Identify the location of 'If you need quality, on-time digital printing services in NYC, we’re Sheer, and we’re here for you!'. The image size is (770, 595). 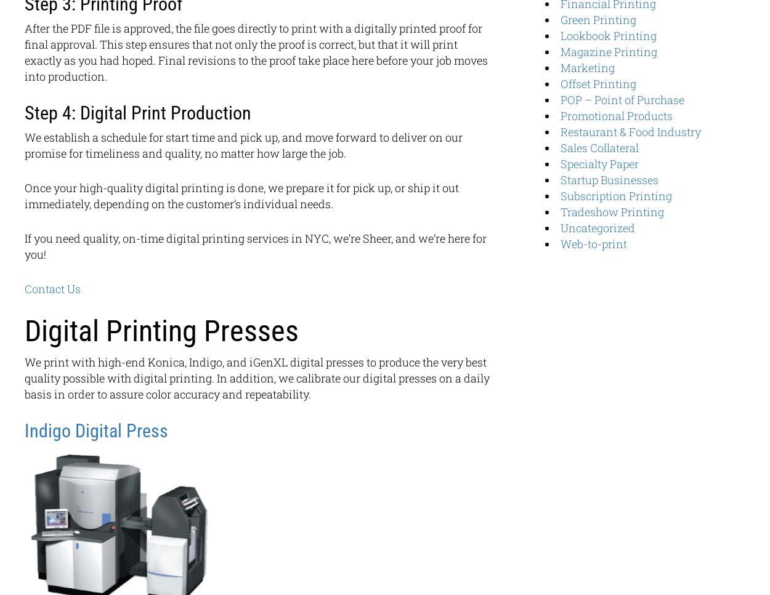
(256, 246).